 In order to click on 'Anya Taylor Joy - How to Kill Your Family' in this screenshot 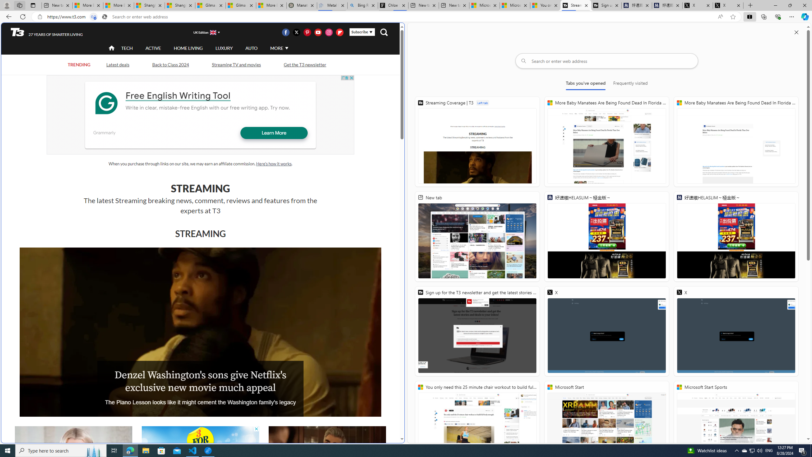, I will do `click(73, 457)`.